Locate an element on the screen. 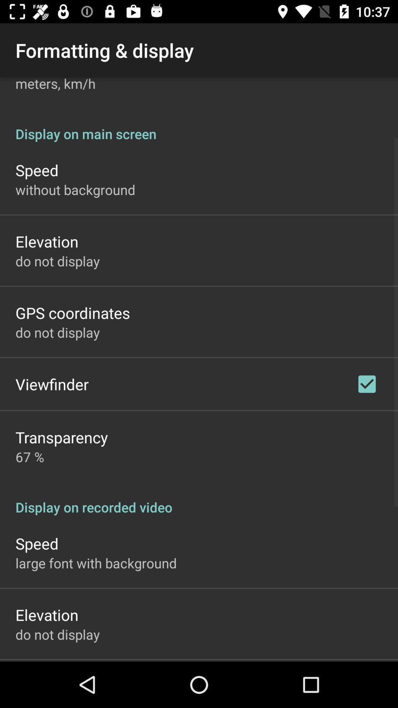 The height and width of the screenshot is (708, 398). the 67 % item is located at coordinates (29, 456).